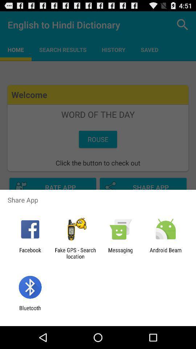  What do you see at coordinates (30, 311) in the screenshot?
I see `bluetooth icon` at bounding box center [30, 311].